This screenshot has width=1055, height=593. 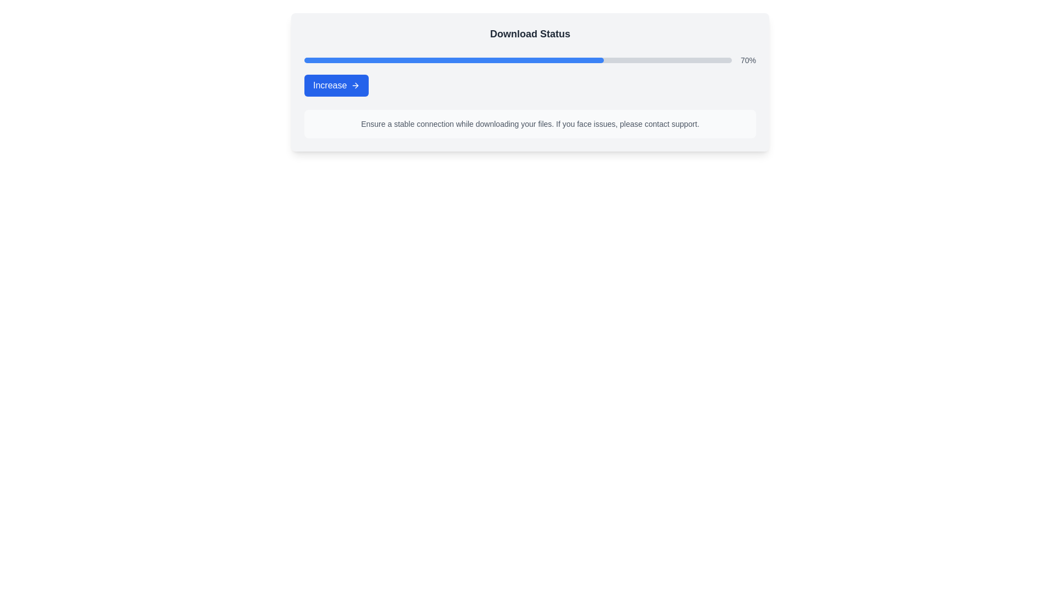 What do you see at coordinates (748, 60) in the screenshot?
I see `the text label indicating the current percentage completion of a process, which is located at the far-right end of the horizontal progress bar` at bounding box center [748, 60].